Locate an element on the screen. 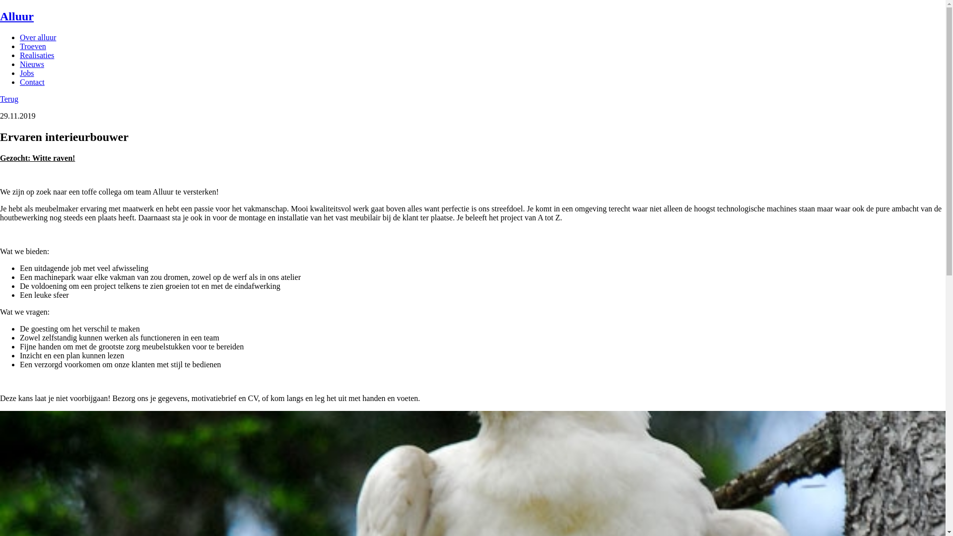  'Jobs' is located at coordinates (26, 72).